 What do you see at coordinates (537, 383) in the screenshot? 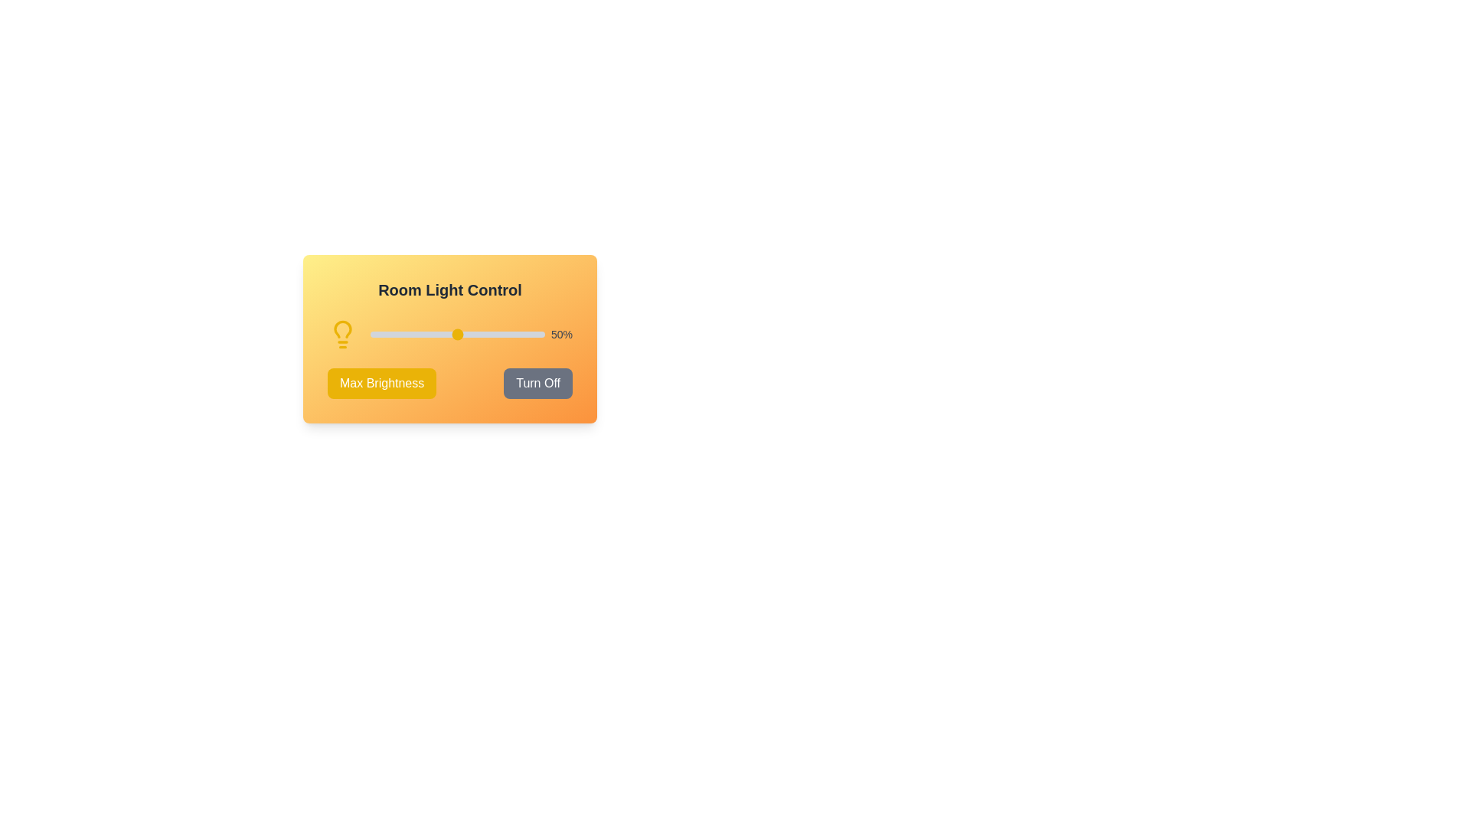
I see `'Turn Off' button to toggle the light state` at bounding box center [537, 383].